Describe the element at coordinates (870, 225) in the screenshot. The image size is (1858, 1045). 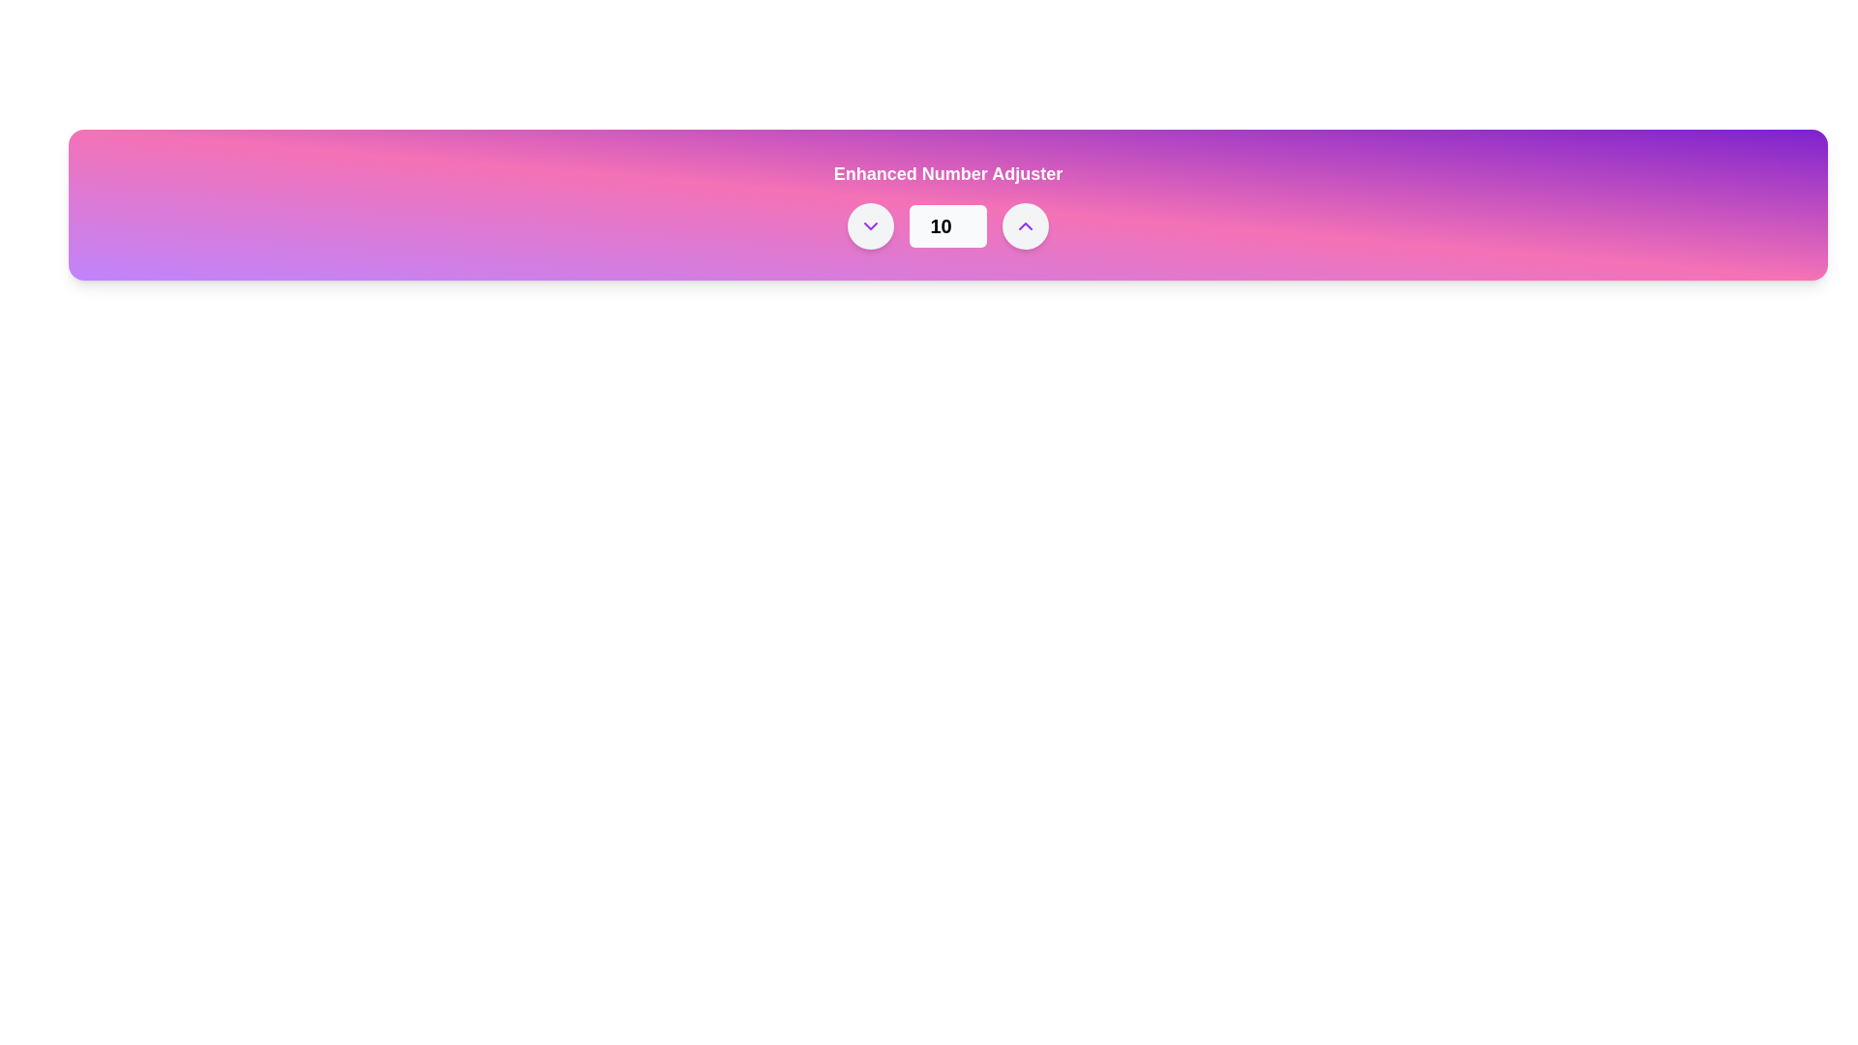
I see `the leftmost button in the horizontal group to decrease the numerical value displayed in the adjacent input field by one` at that location.